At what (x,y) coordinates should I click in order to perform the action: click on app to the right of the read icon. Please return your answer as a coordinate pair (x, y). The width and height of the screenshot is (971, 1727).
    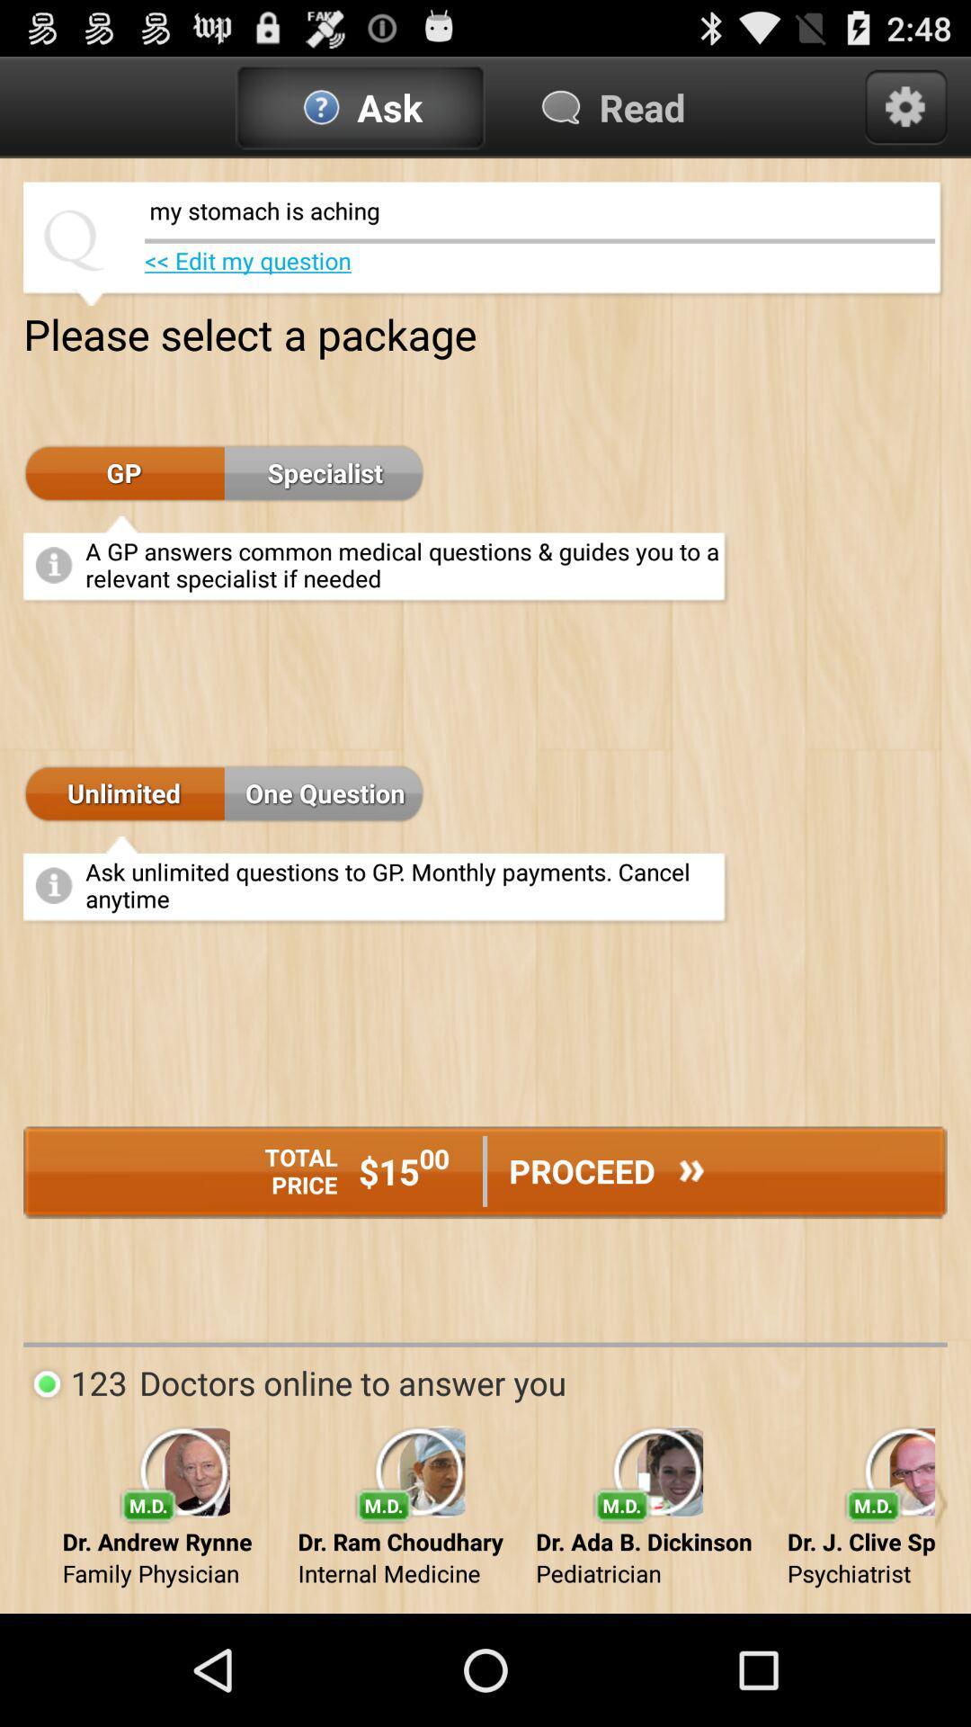
    Looking at the image, I should click on (905, 106).